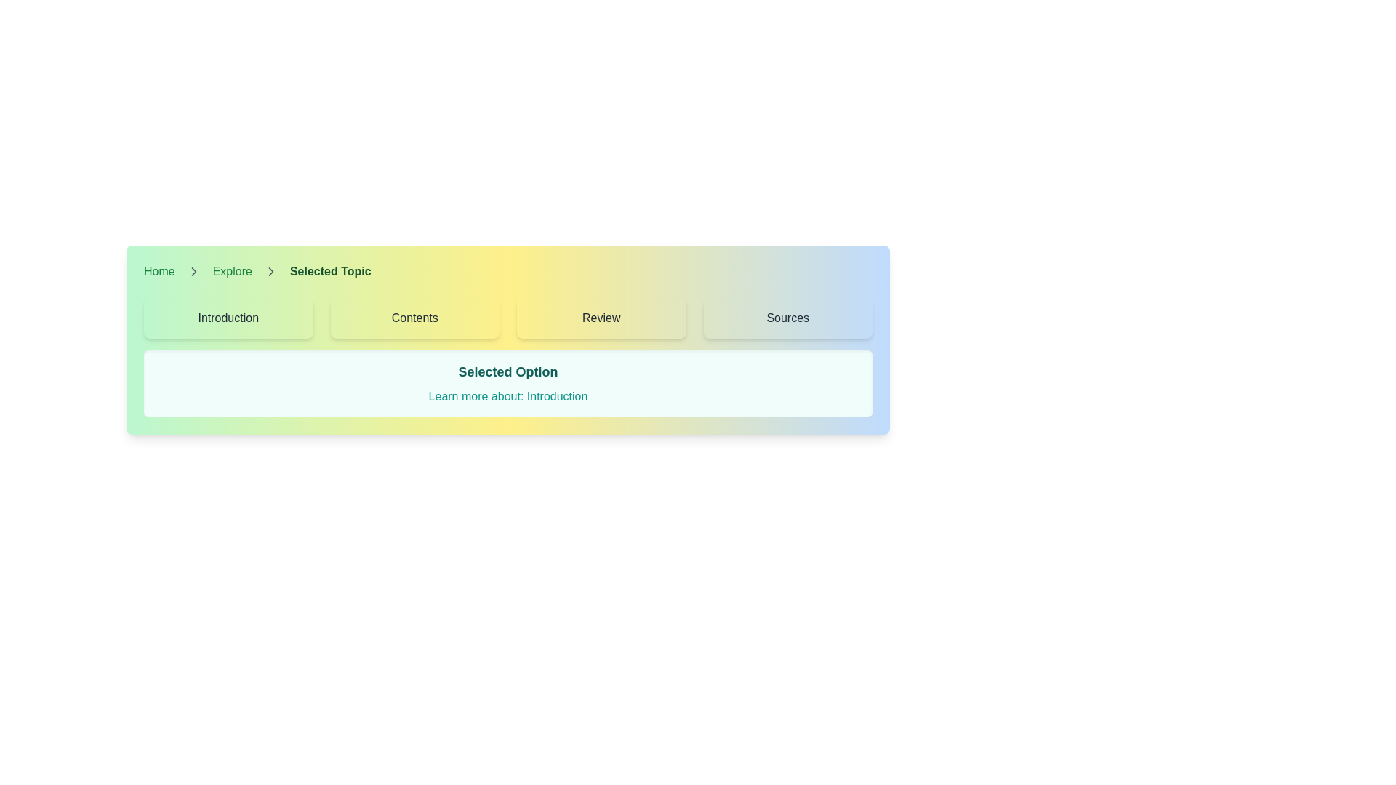  What do you see at coordinates (270, 272) in the screenshot?
I see `the second chevron icon in the breadcrumb navigation bar, which is positioned to the right of the 'Explore' link and to the left of the 'Selected Topic' text` at bounding box center [270, 272].